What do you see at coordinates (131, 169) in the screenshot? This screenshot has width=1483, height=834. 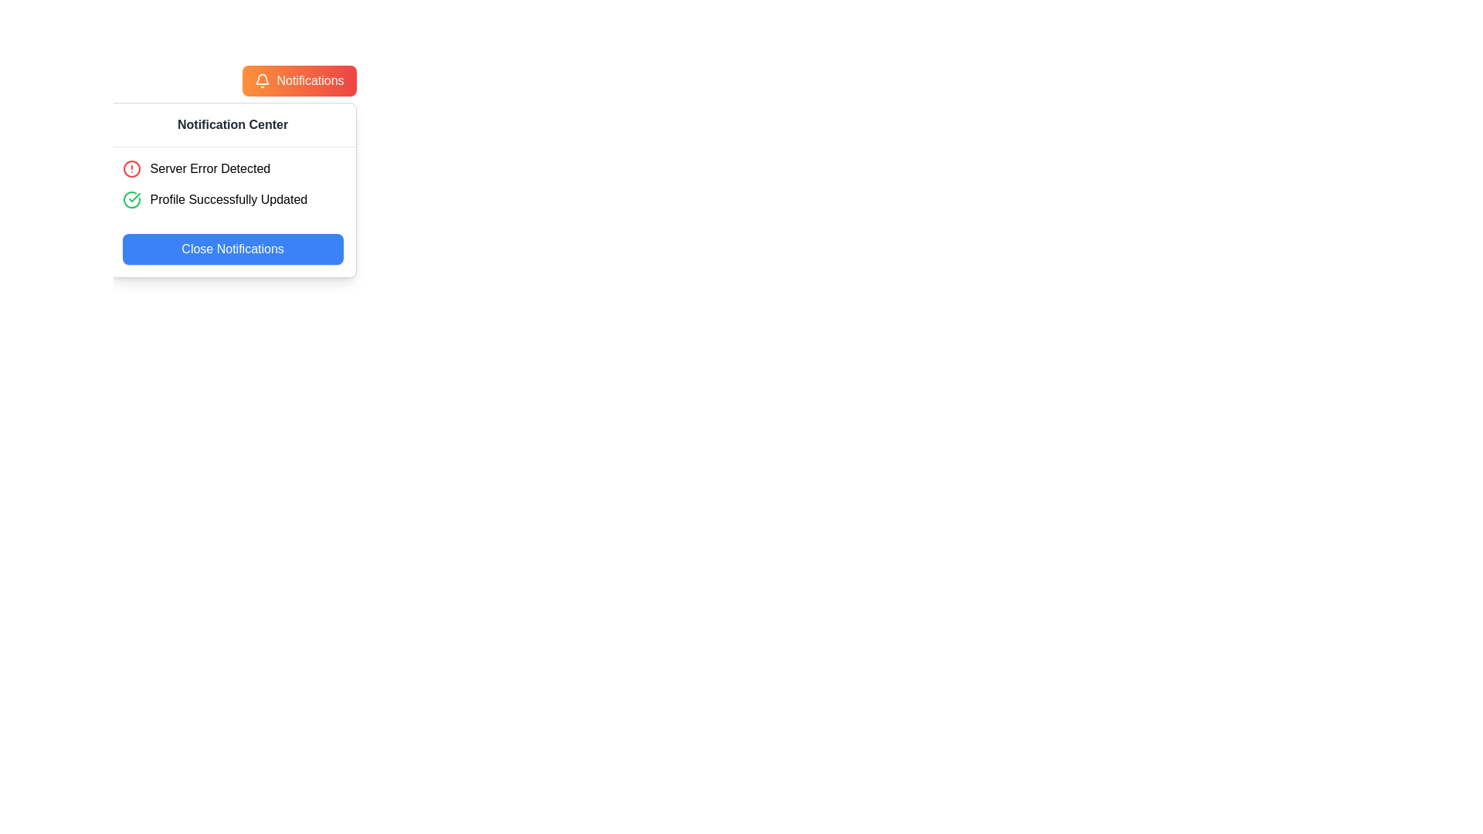 I see `the alert icon representing a 'Server Error Detected' notification` at bounding box center [131, 169].